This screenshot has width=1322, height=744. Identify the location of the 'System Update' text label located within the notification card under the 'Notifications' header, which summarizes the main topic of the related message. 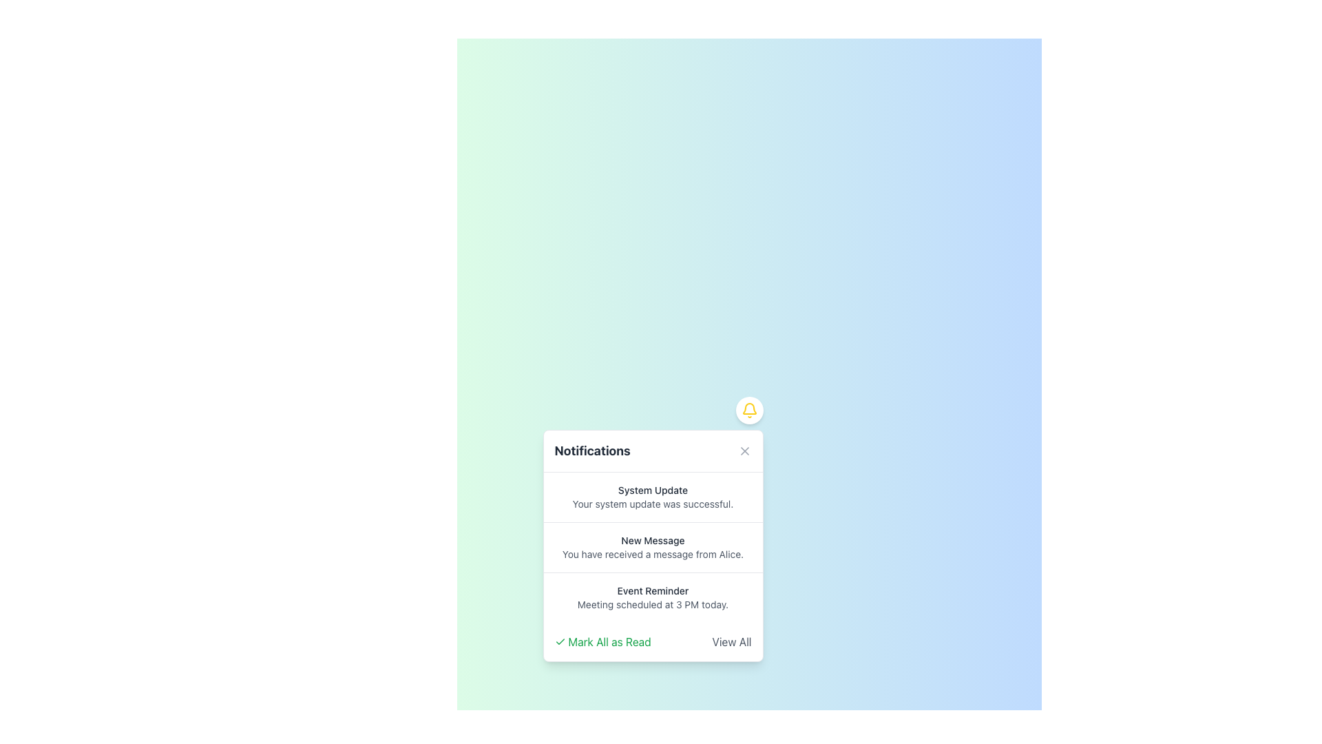
(652, 490).